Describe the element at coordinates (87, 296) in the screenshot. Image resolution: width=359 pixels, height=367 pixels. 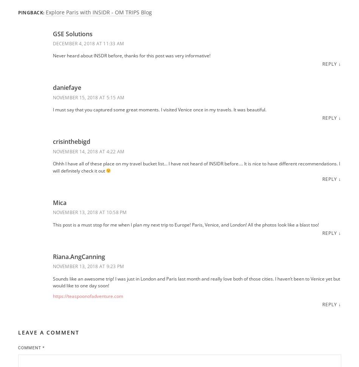
I see `'https://teaspoonofadventure.com'` at that location.